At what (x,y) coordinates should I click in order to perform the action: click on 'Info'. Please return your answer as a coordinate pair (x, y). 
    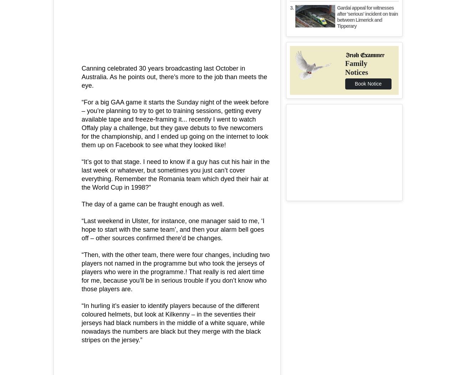
    Looking at the image, I should click on (320, 122).